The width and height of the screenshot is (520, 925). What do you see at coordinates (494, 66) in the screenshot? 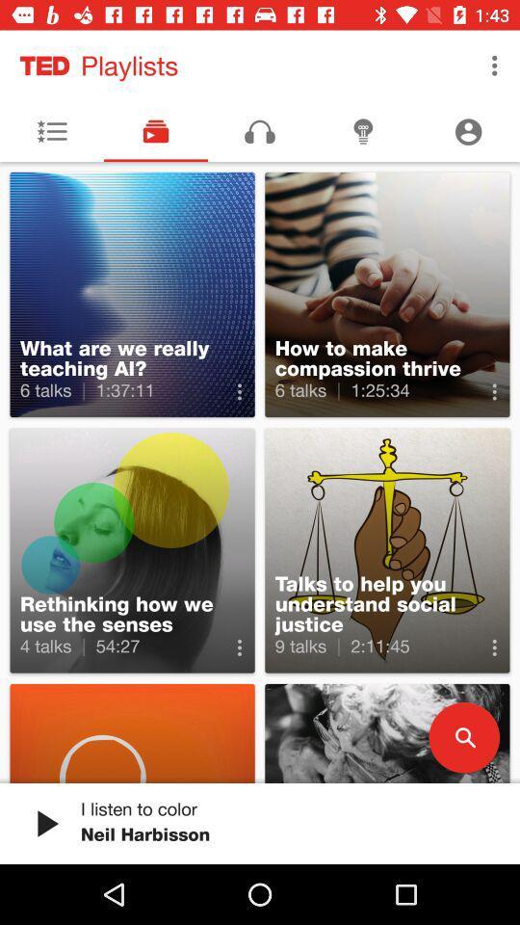
I see `the icon next to the playlists item` at bounding box center [494, 66].